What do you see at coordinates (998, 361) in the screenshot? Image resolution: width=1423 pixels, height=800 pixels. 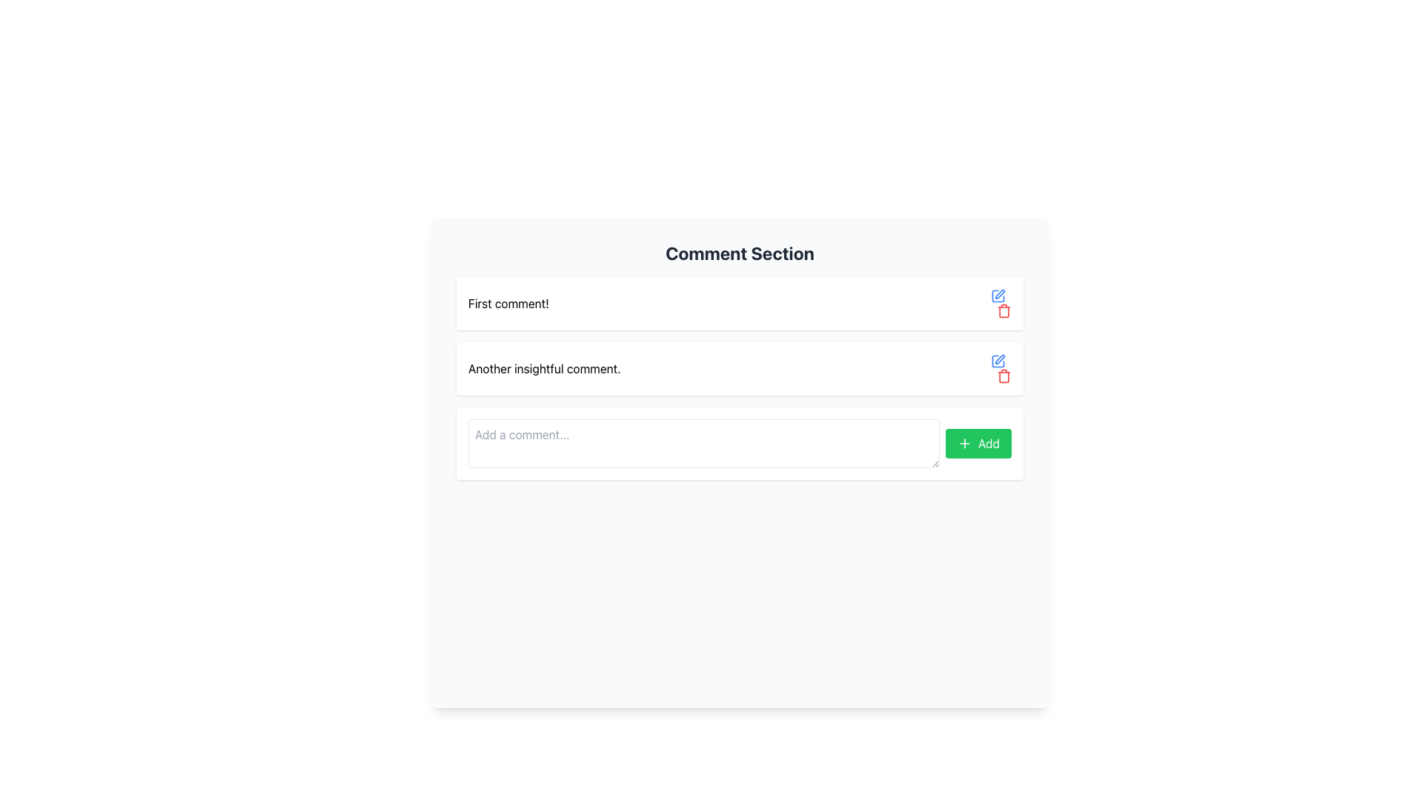 I see `the 'Edit' button (pen icon) located first from the left in the group of icons associated with the second displayed comment` at bounding box center [998, 361].